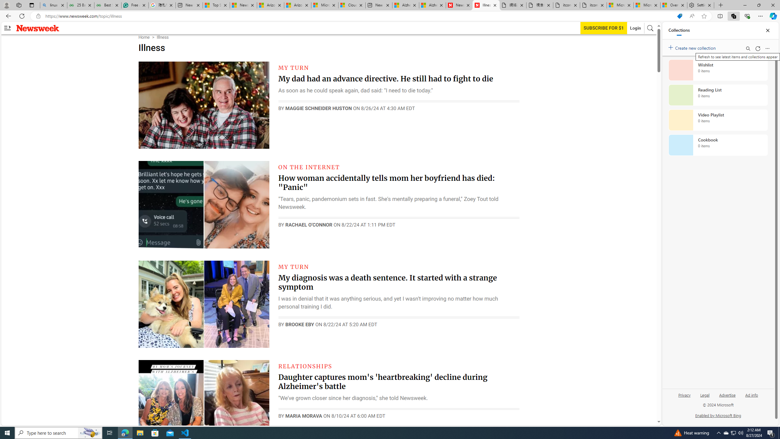  Describe the element at coordinates (486, 5) in the screenshot. I see `'Illness news & latest pictures from Newsweek.com'` at that location.